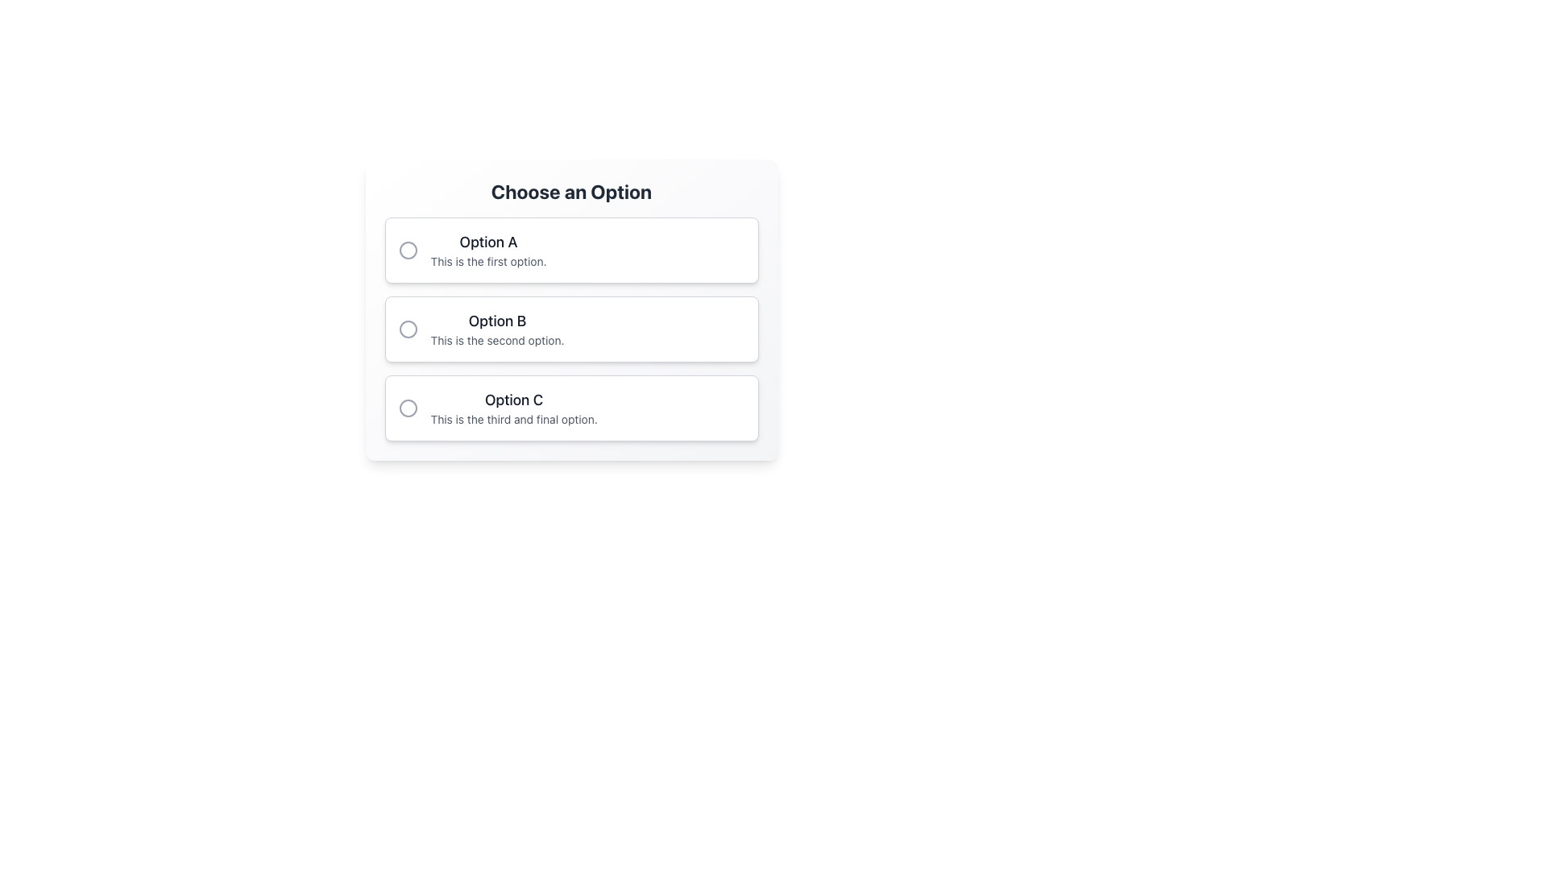  I want to click on the radio button for 'Option B', so click(571, 328).